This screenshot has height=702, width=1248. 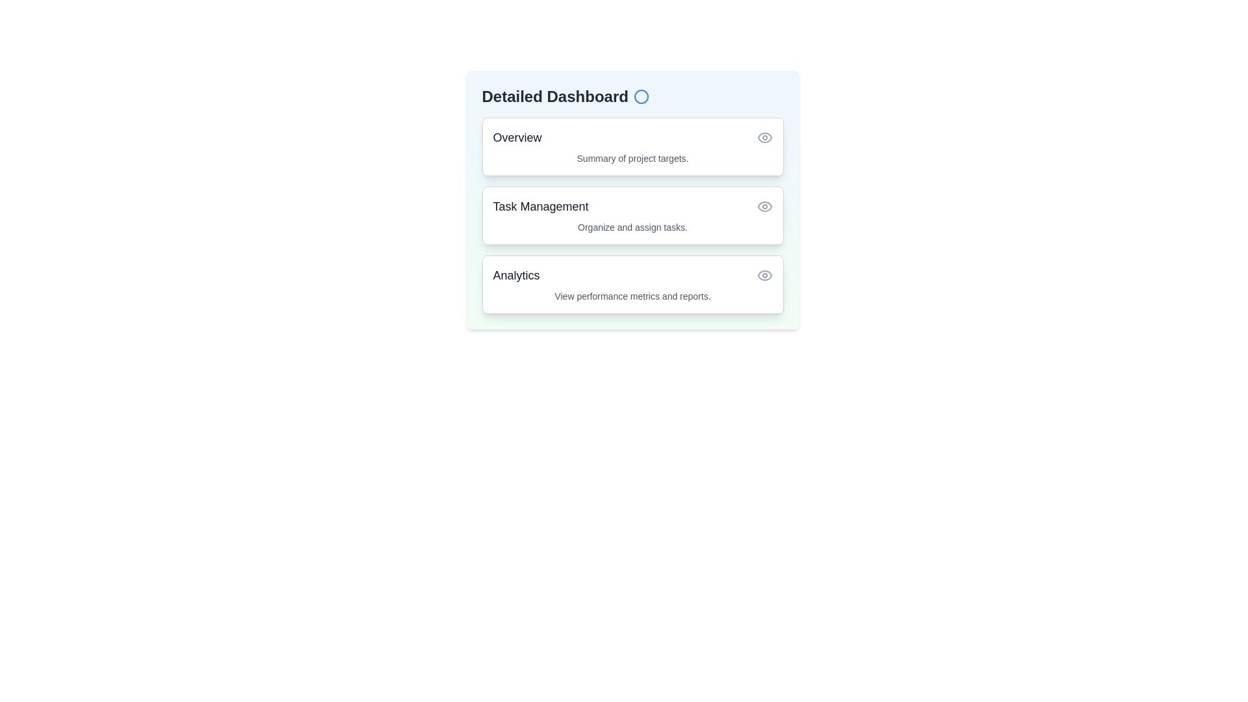 I want to click on the eye icon corresponding to Overview to toggle its details, so click(x=764, y=138).